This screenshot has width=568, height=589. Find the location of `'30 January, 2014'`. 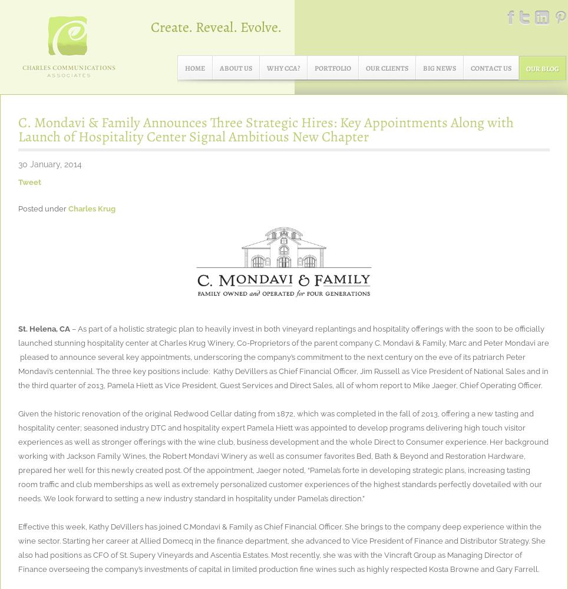

'30 January, 2014' is located at coordinates (49, 164).